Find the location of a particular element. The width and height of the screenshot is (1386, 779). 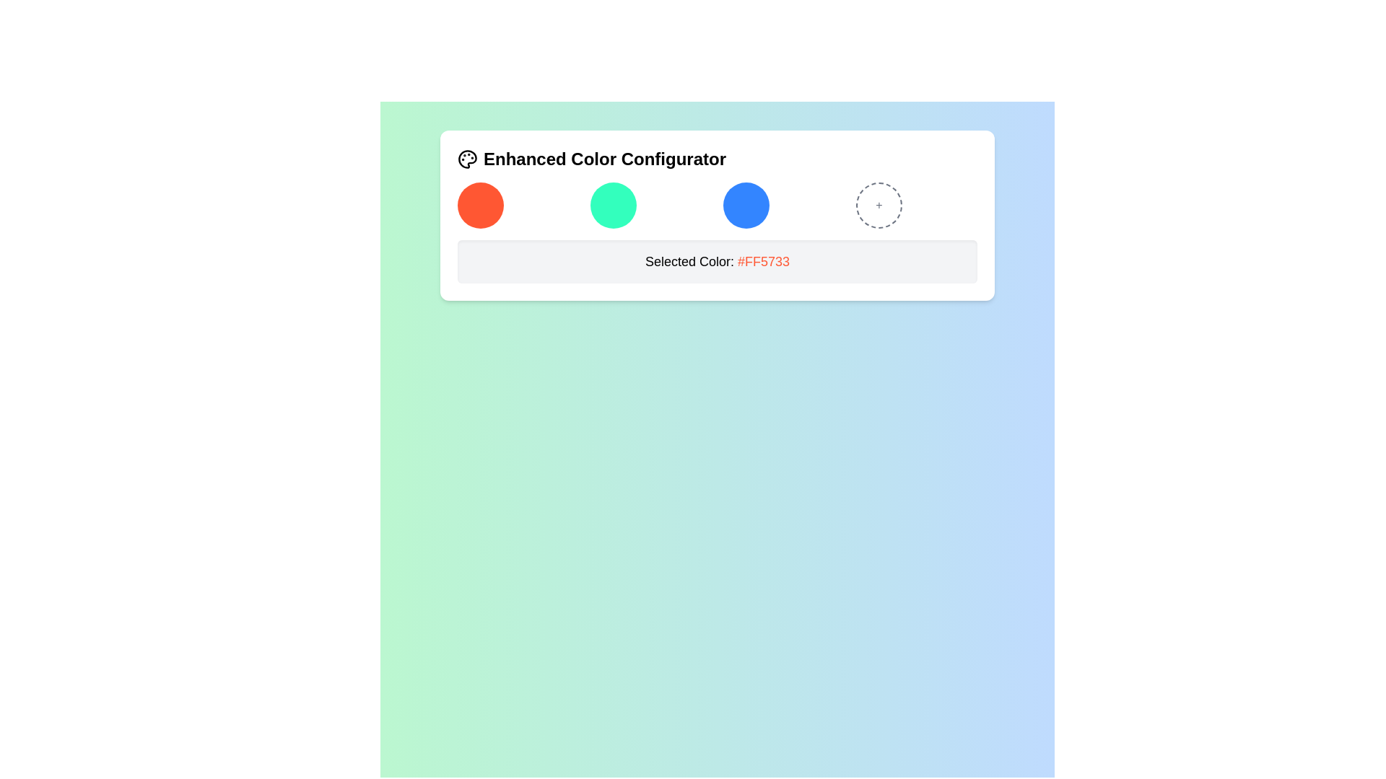

the third circular icon representing the blue color choice in the Enhanced Color Configurator interface is located at coordinates (717, 206).